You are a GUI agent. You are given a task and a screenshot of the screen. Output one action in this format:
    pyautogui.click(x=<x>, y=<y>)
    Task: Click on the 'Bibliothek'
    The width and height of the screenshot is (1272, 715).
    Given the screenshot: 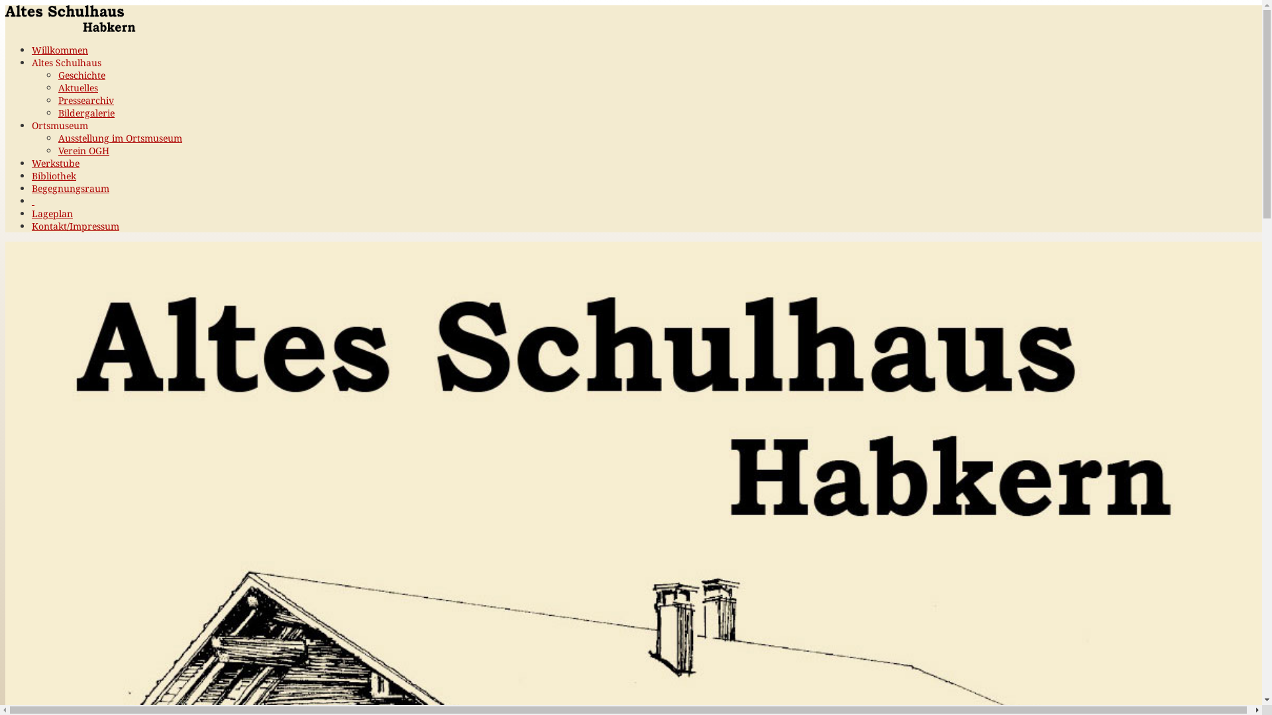 What is the action you would take?
    pyautogui.click(x=32, y=175)
    